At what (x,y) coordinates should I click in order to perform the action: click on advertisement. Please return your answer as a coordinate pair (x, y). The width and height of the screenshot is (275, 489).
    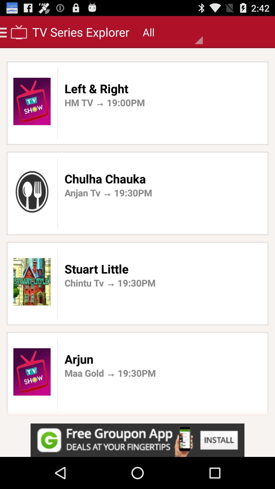
    Looking at the image, I should click on (137, 440).